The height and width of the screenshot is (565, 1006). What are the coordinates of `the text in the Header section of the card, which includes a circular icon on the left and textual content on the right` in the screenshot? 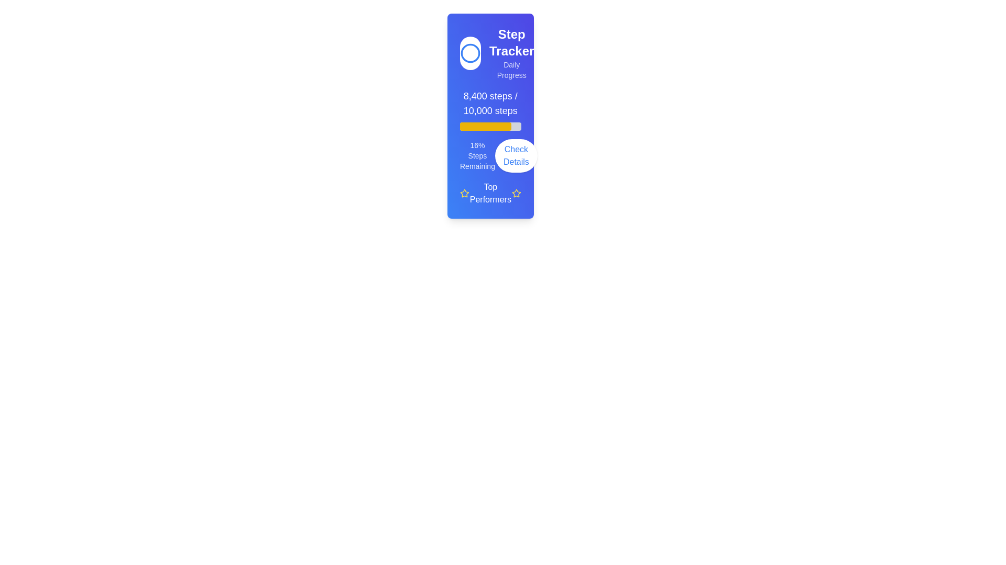 It's located at (490, 53).